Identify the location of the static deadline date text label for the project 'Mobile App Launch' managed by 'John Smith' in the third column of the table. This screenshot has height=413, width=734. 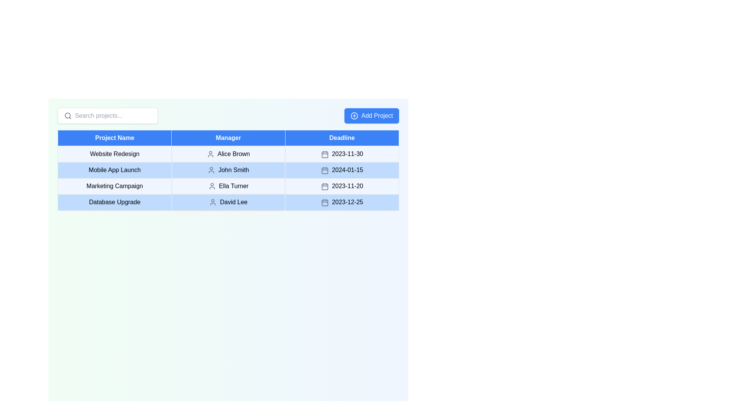
(341, 169).